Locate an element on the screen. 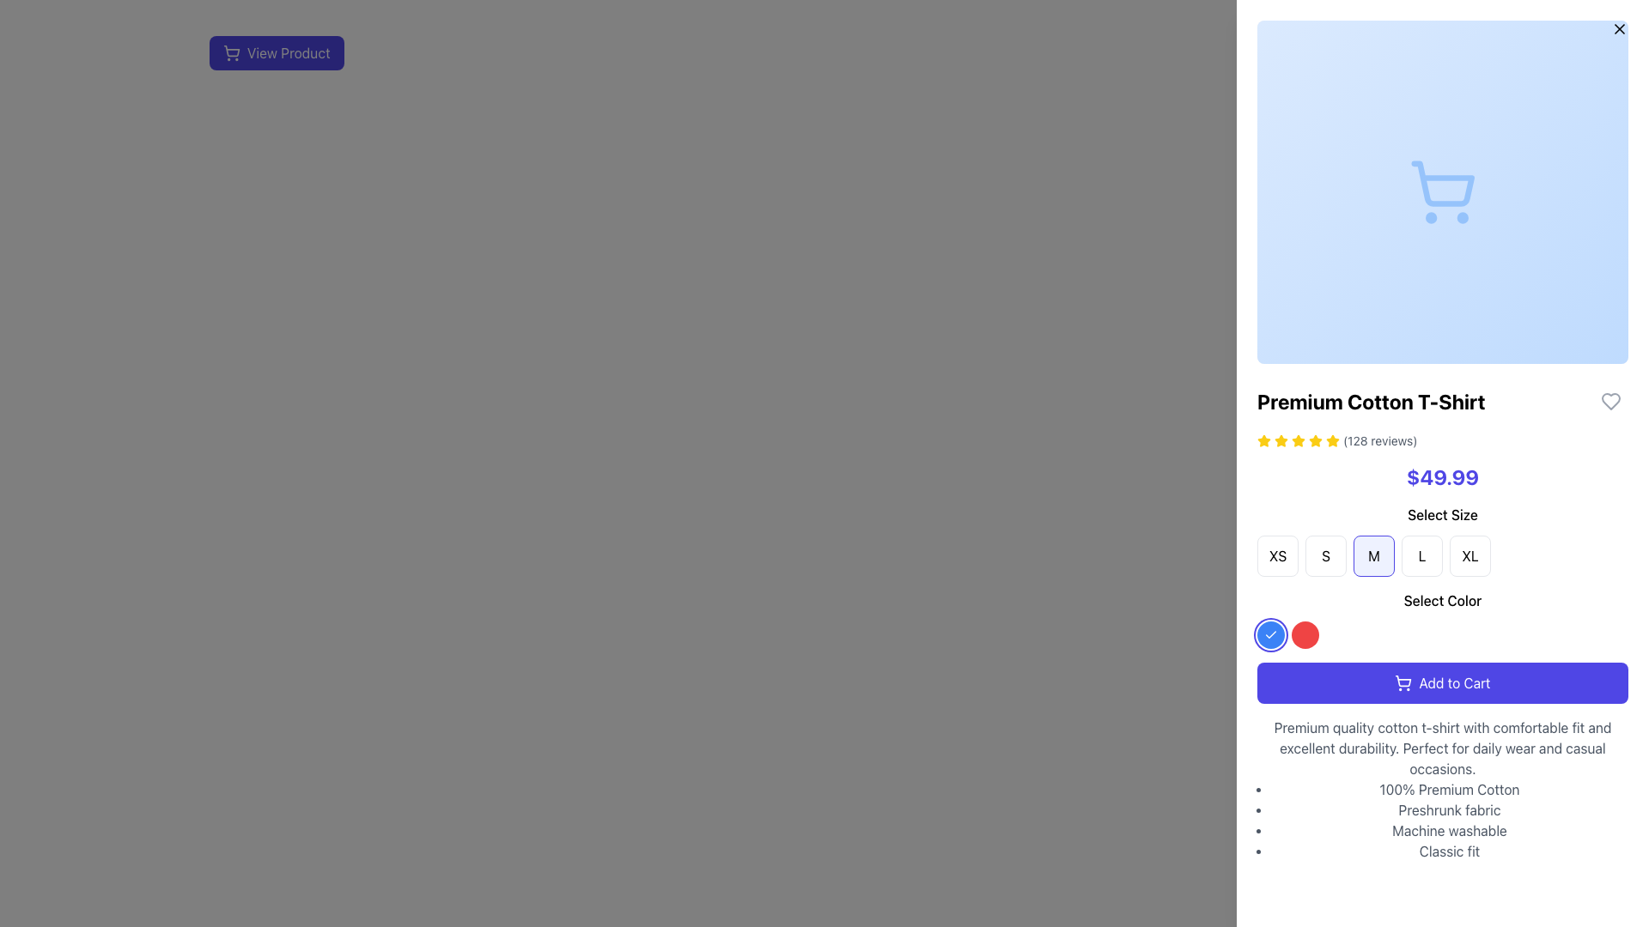 The height and width of the screenshot is (927, 1649). the rectangular button with a dark blue background and white text stating 'View Product' to trigger visual feedback is located at coordinates (277, 51).